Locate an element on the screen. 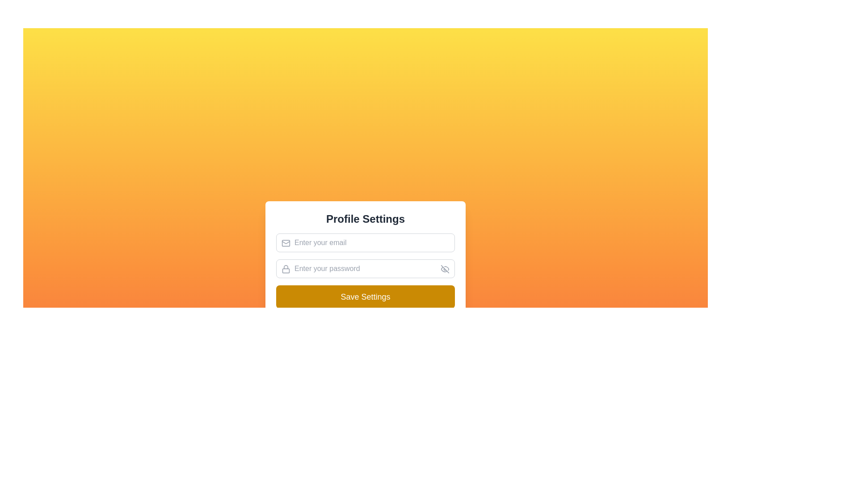  the 'eye-off' icon in the 'Profile Settings' card, which is used to toggle the visibility of the password input is located at coordinates (445, 268).